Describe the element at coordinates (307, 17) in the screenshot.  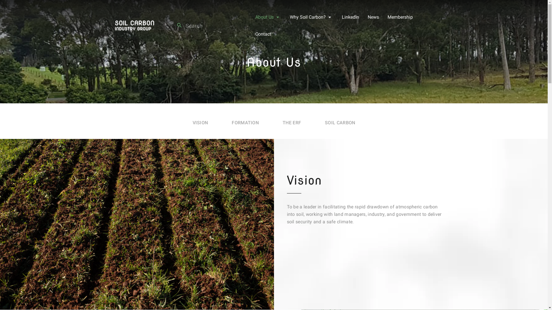
I see `'Why Soil Carbon?'` at that location.